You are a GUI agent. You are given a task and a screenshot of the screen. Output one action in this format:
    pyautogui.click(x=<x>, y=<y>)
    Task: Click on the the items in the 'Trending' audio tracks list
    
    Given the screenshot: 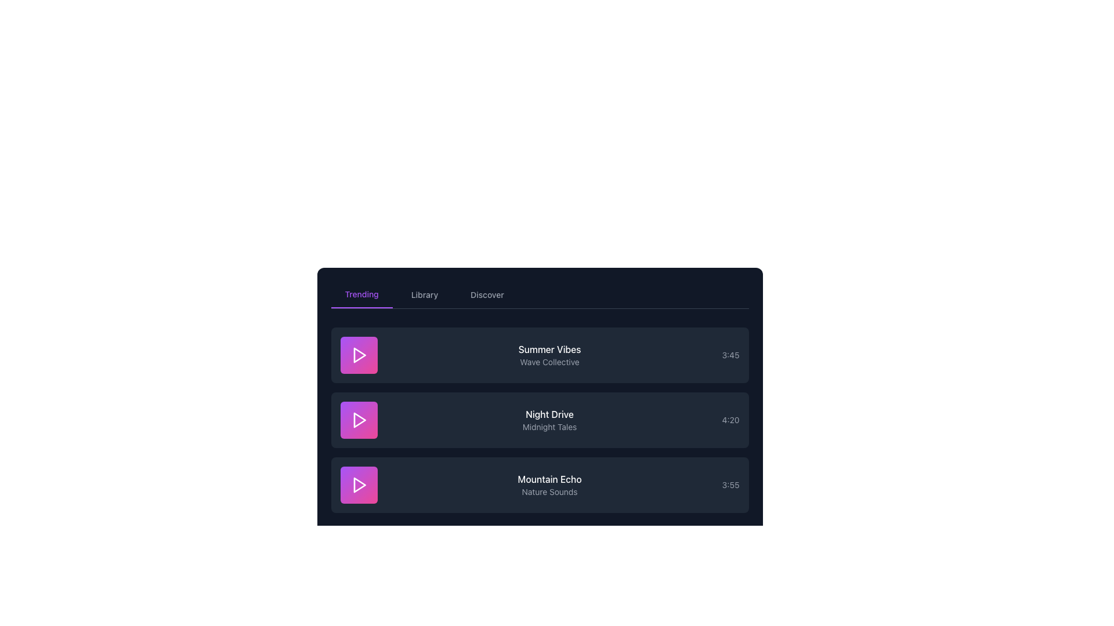 What is the action you would take?
    pyautogui.click(x=539, y=420)
    